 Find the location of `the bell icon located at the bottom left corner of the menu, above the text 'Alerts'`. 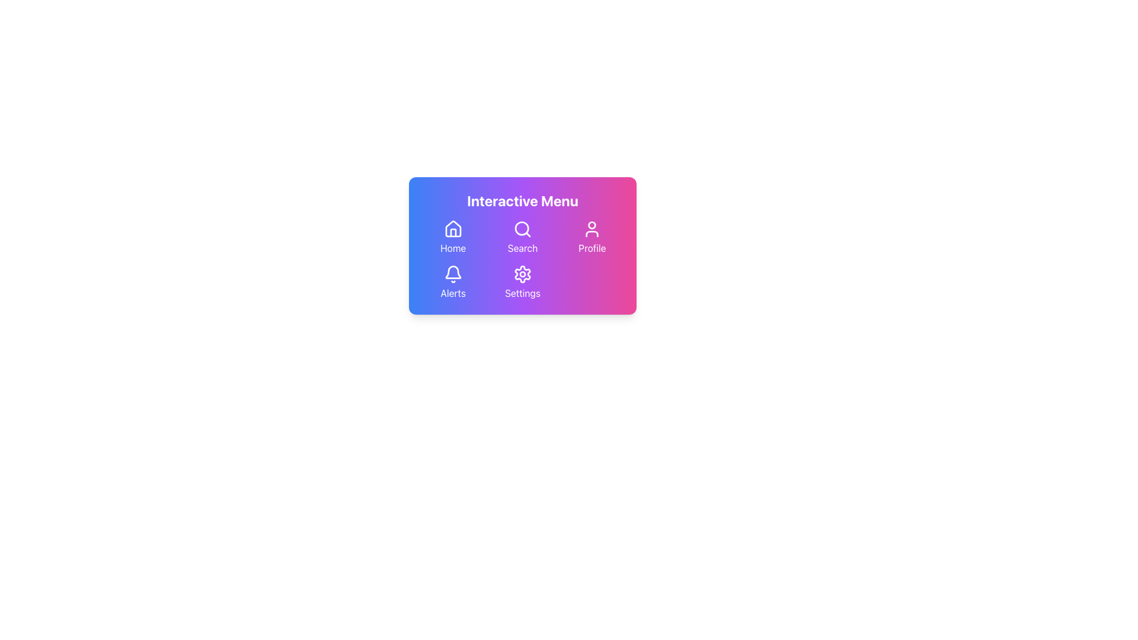

the bell icon located at the bottom left corner of the menu, above the text 'Alerts' is located at coordinates (452, 274).